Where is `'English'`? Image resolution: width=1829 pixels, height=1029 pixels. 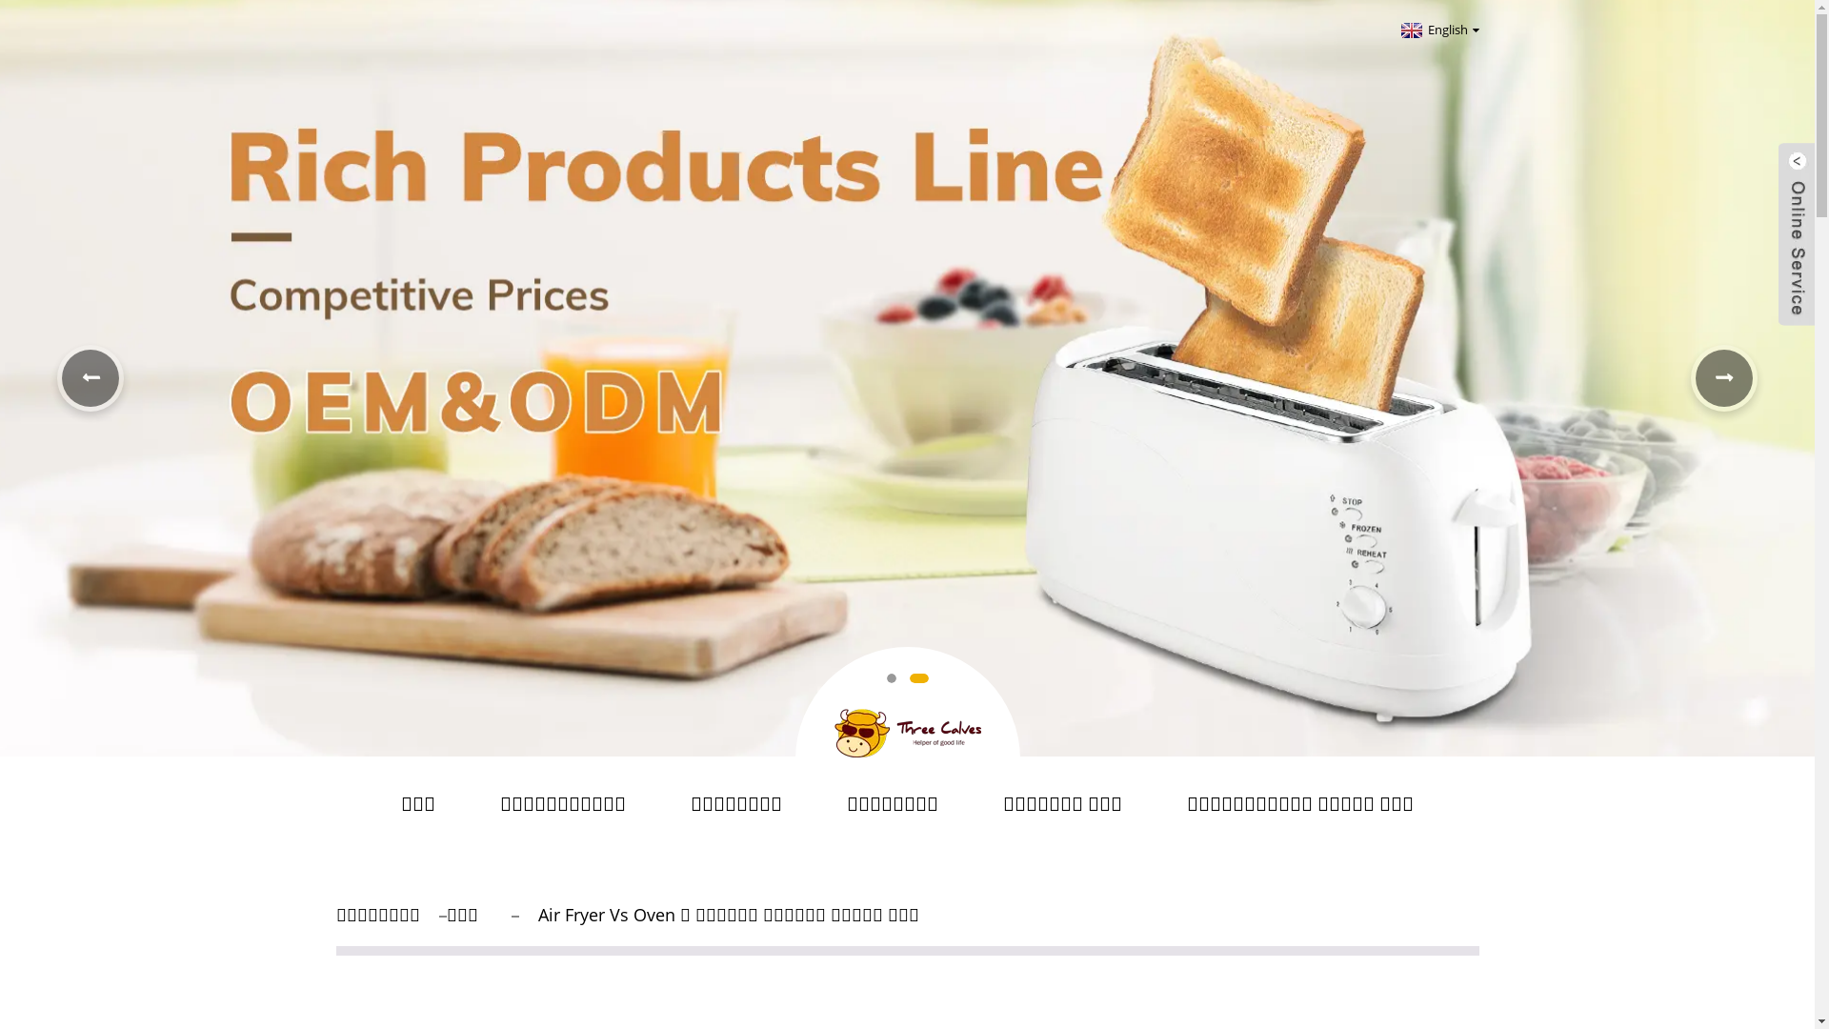
'English' is located at coordinates (1437, 29).